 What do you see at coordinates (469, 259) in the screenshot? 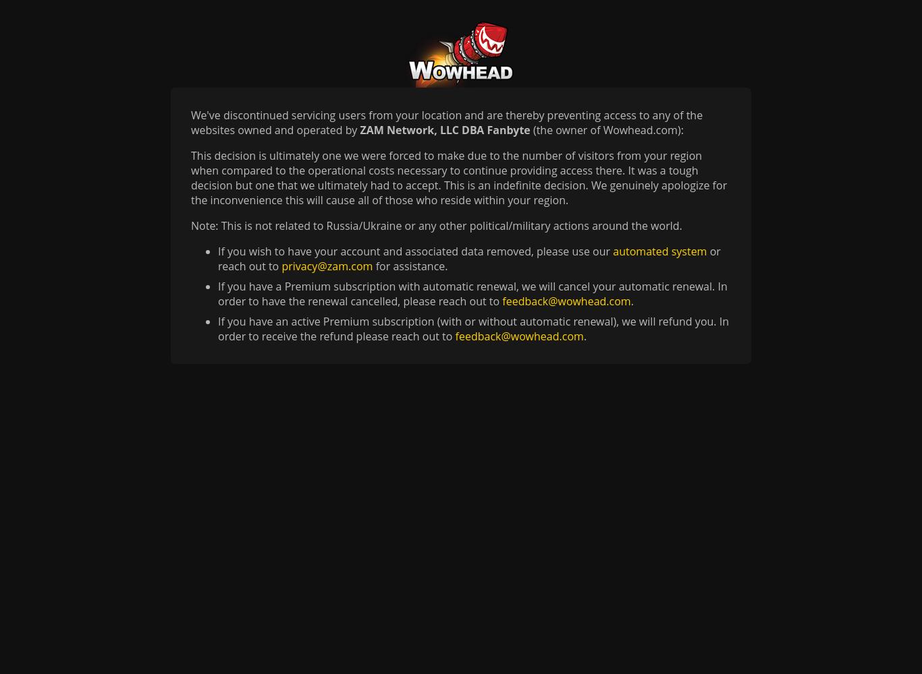
I see `'or reach out to'` at bounding box center [469, 259].